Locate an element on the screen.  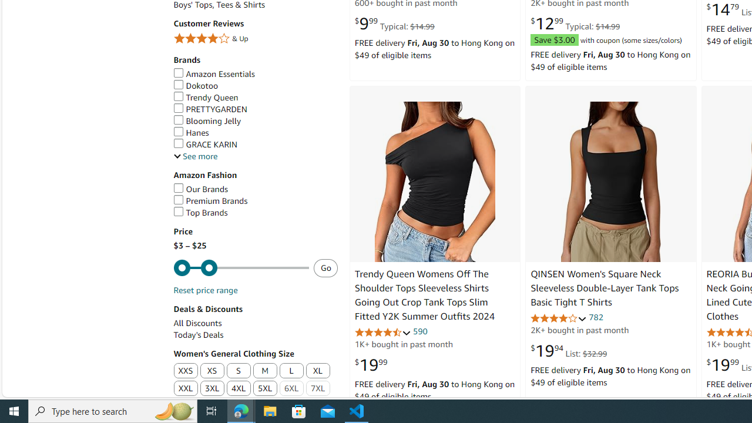
'XXL' is located at coordinates (184, 389).